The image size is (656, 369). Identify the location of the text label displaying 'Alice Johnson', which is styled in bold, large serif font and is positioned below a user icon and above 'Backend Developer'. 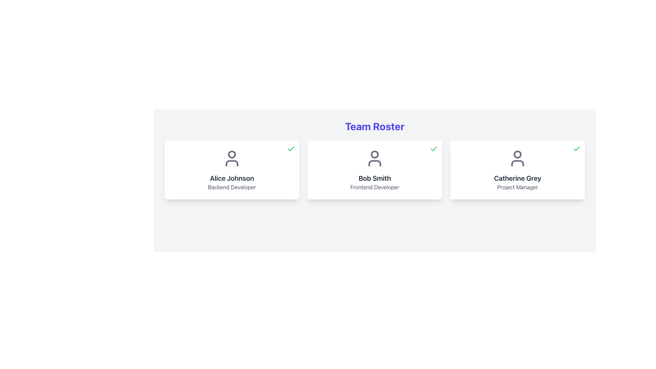
(232, 178).